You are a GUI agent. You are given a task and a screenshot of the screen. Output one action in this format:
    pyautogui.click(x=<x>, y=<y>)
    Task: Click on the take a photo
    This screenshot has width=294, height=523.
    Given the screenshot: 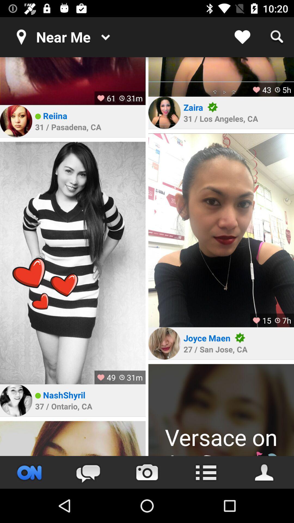 What is the action you would take?
    pyautogui.click(x=147, y=472)
    